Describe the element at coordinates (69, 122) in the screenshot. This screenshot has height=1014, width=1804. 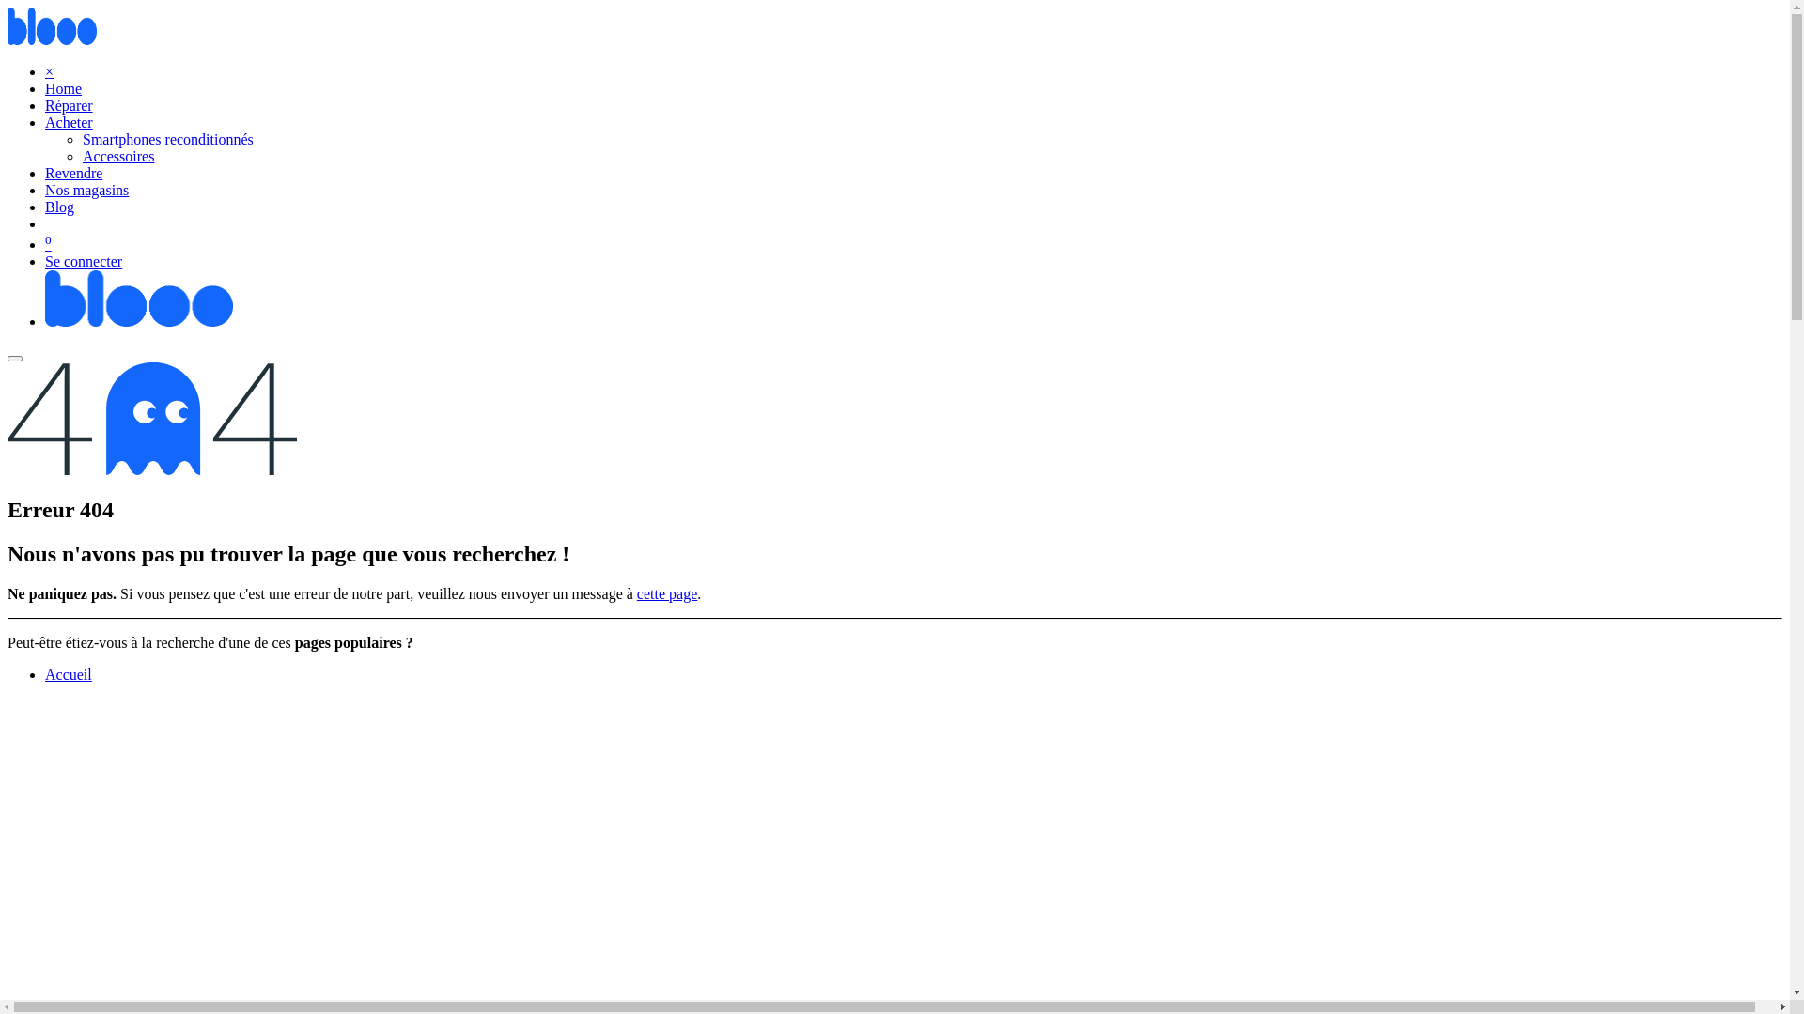
I see `'Acheter'` at that location.